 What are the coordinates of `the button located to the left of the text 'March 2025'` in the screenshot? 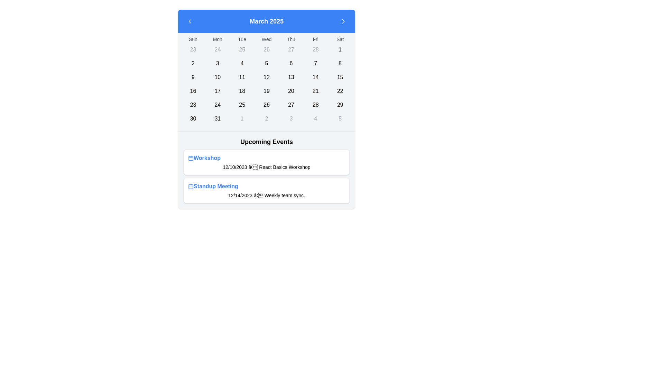 It's located at (190, 21).